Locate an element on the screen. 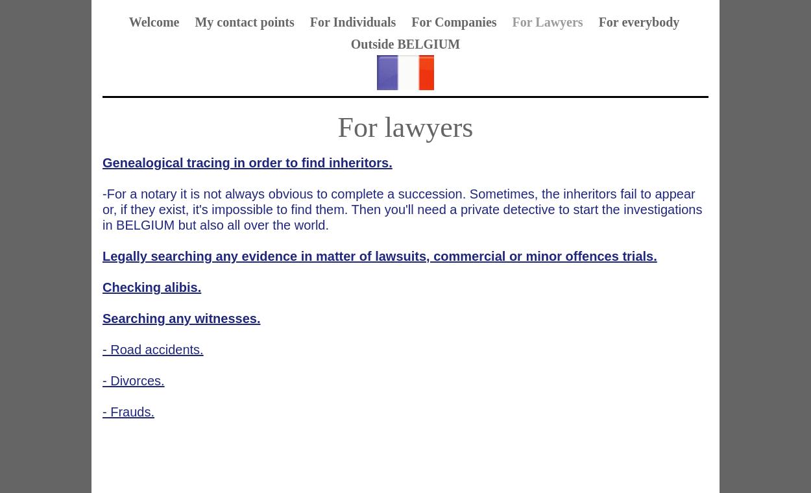  'Outside BELGIUM' is located at coordinates (404, 43).